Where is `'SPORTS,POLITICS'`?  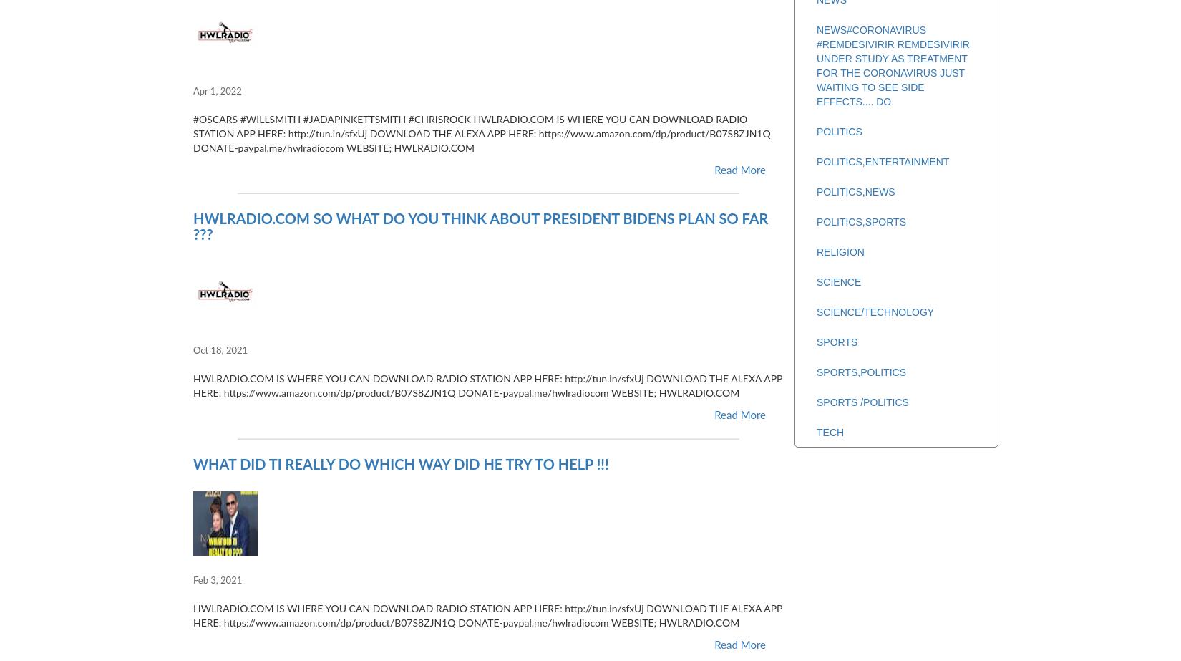 'SPORTS,POLITICS' is located at coordinates (861, 372).